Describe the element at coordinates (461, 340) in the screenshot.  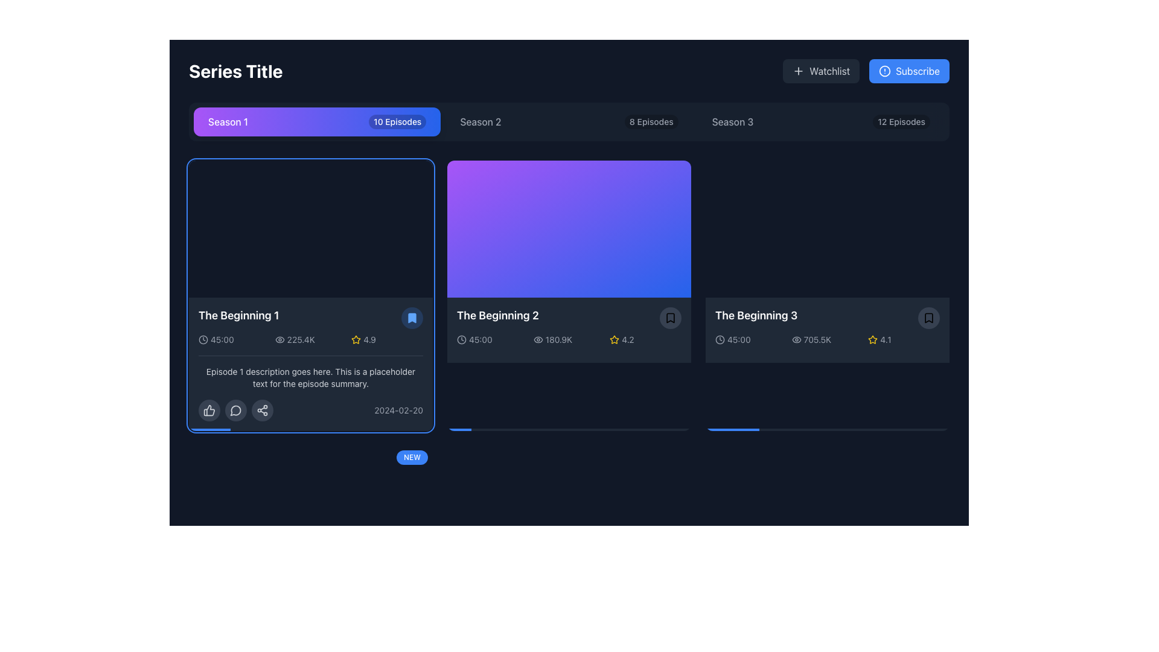
I see `the SVG circle element that represents the outer circular boundary of the clock face, located in the bottom left area below the thumbnail for 'The Beginning 1'` at that location.